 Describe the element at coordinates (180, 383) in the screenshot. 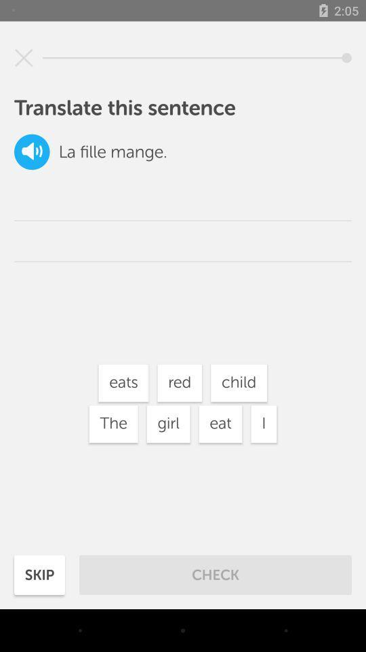

I see `icon below the mange. item` at that location.